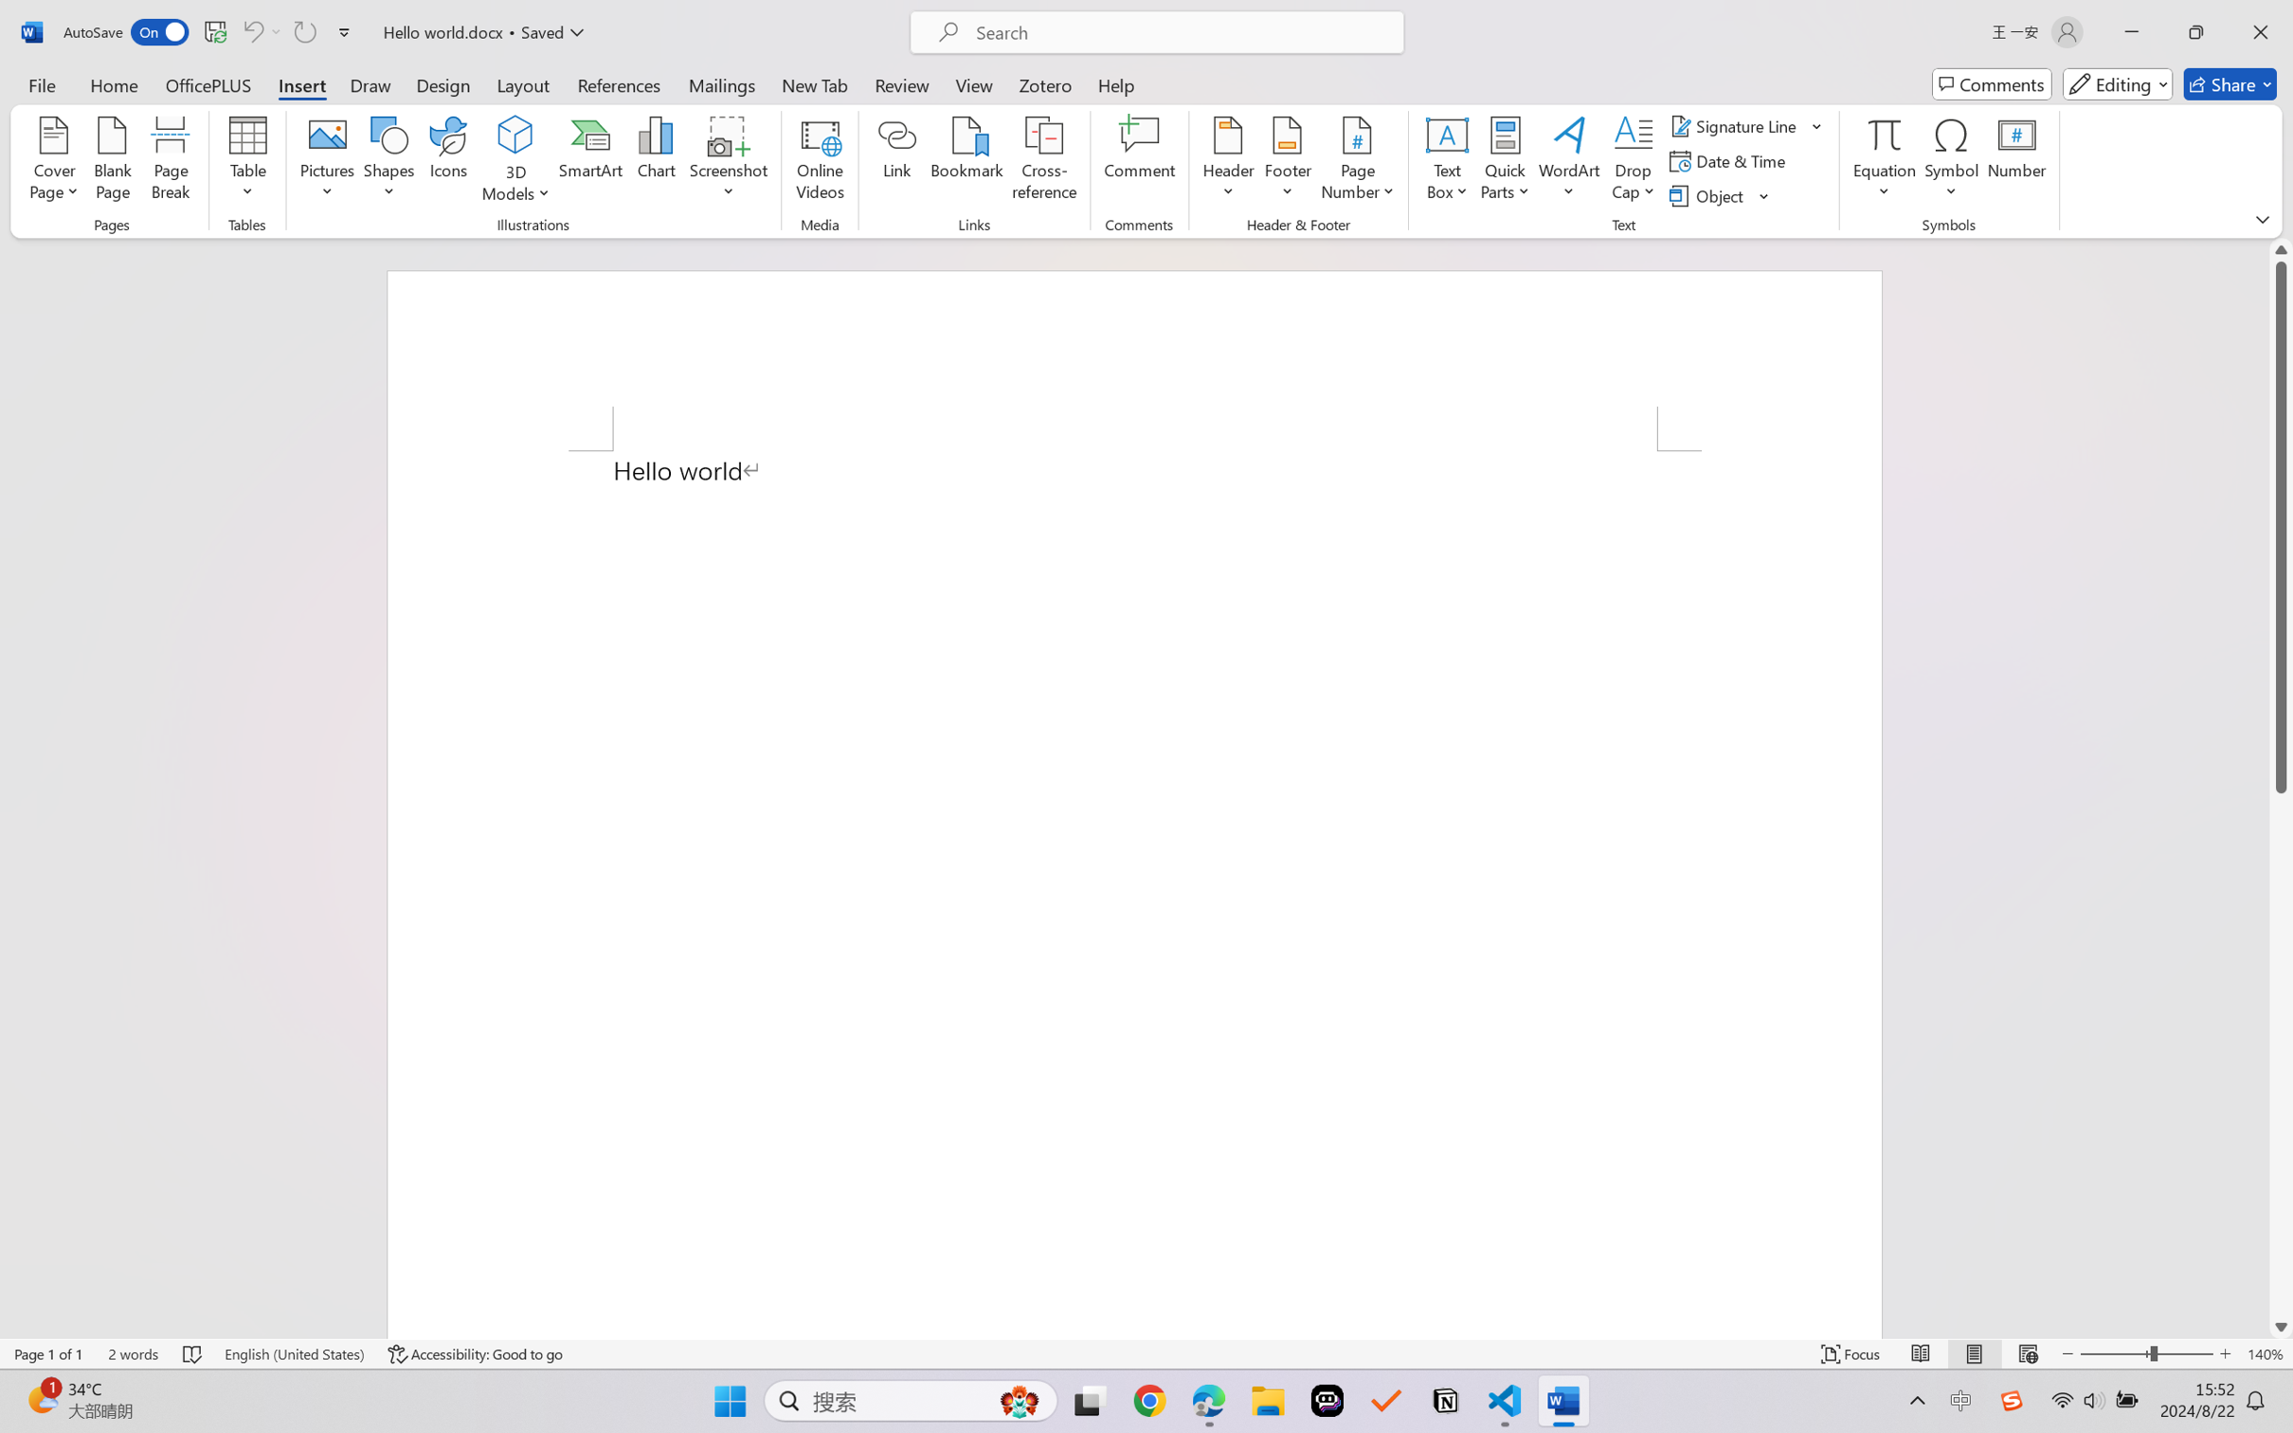  Describe the element at coordinates (370, 83) in the screenshot. I see `'Draw'` at that location.